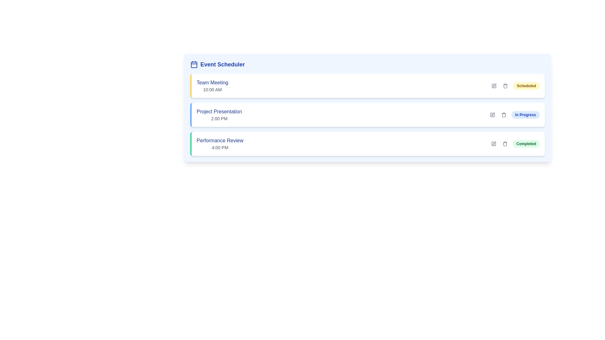 Image resolution: width=605 pixels, height=340 pixels. What do you see at coordinates (193, 64) in the screenshot?
I see `the calendar icon with a blue outline located to the left of the 'Event Scheduler' text` at bounding box center [193, 64].